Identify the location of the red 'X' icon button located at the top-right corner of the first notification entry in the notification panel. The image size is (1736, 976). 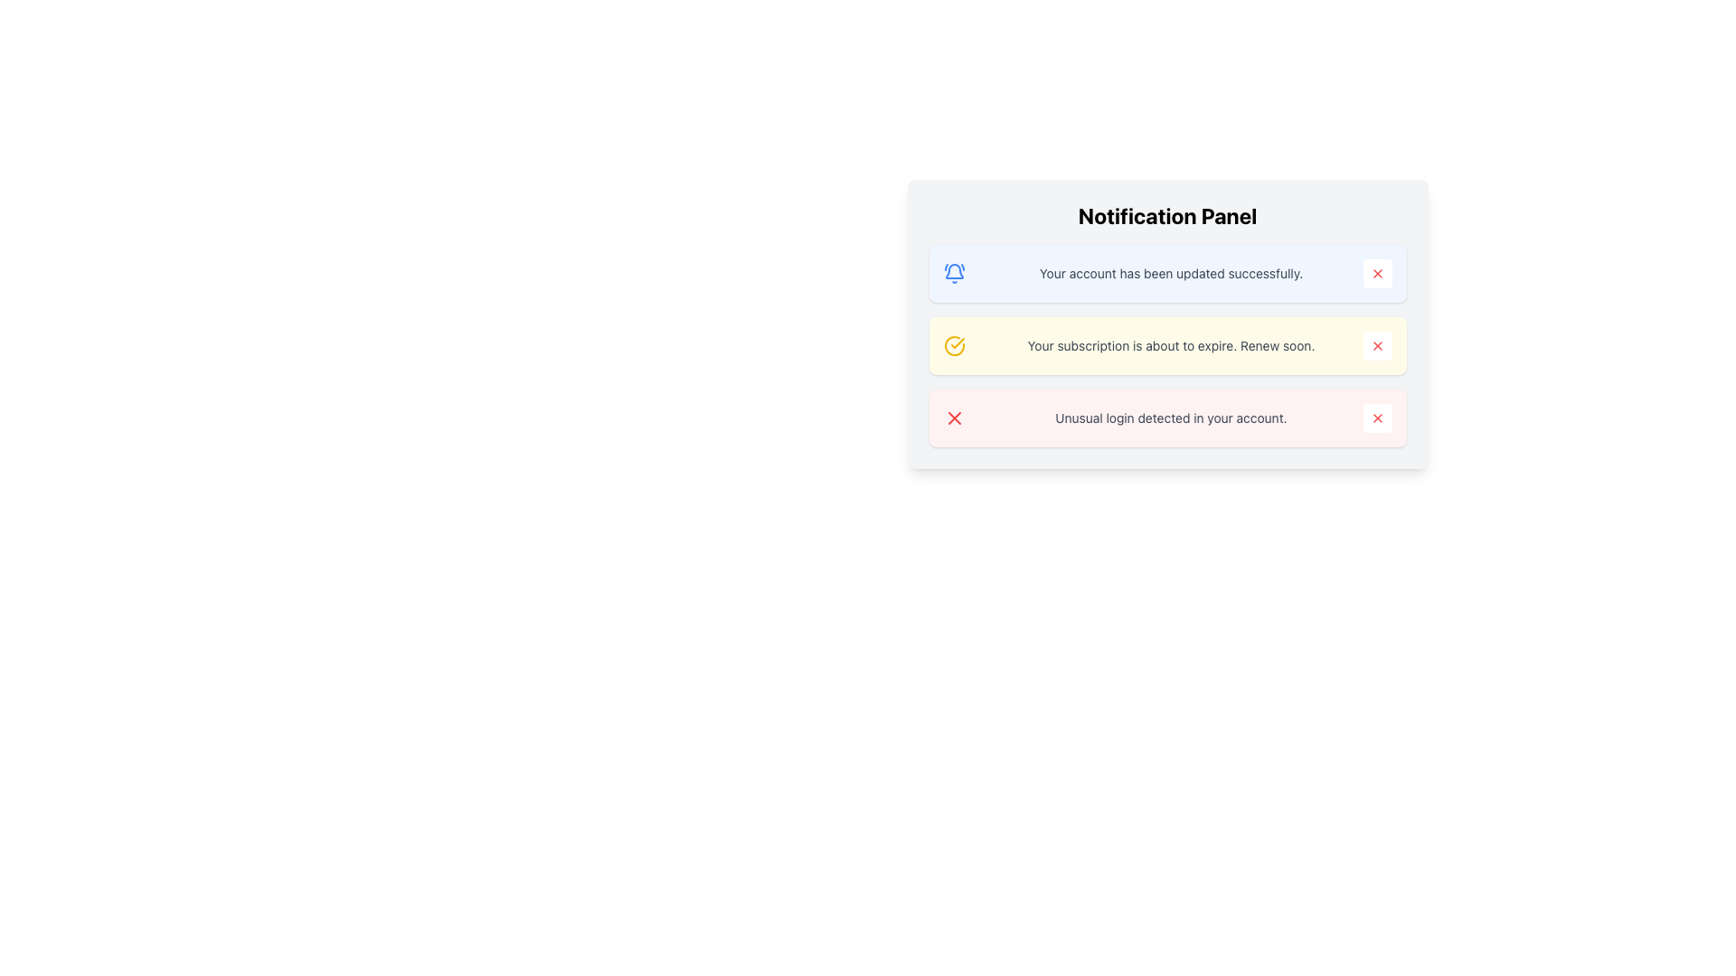
(1376, 274).